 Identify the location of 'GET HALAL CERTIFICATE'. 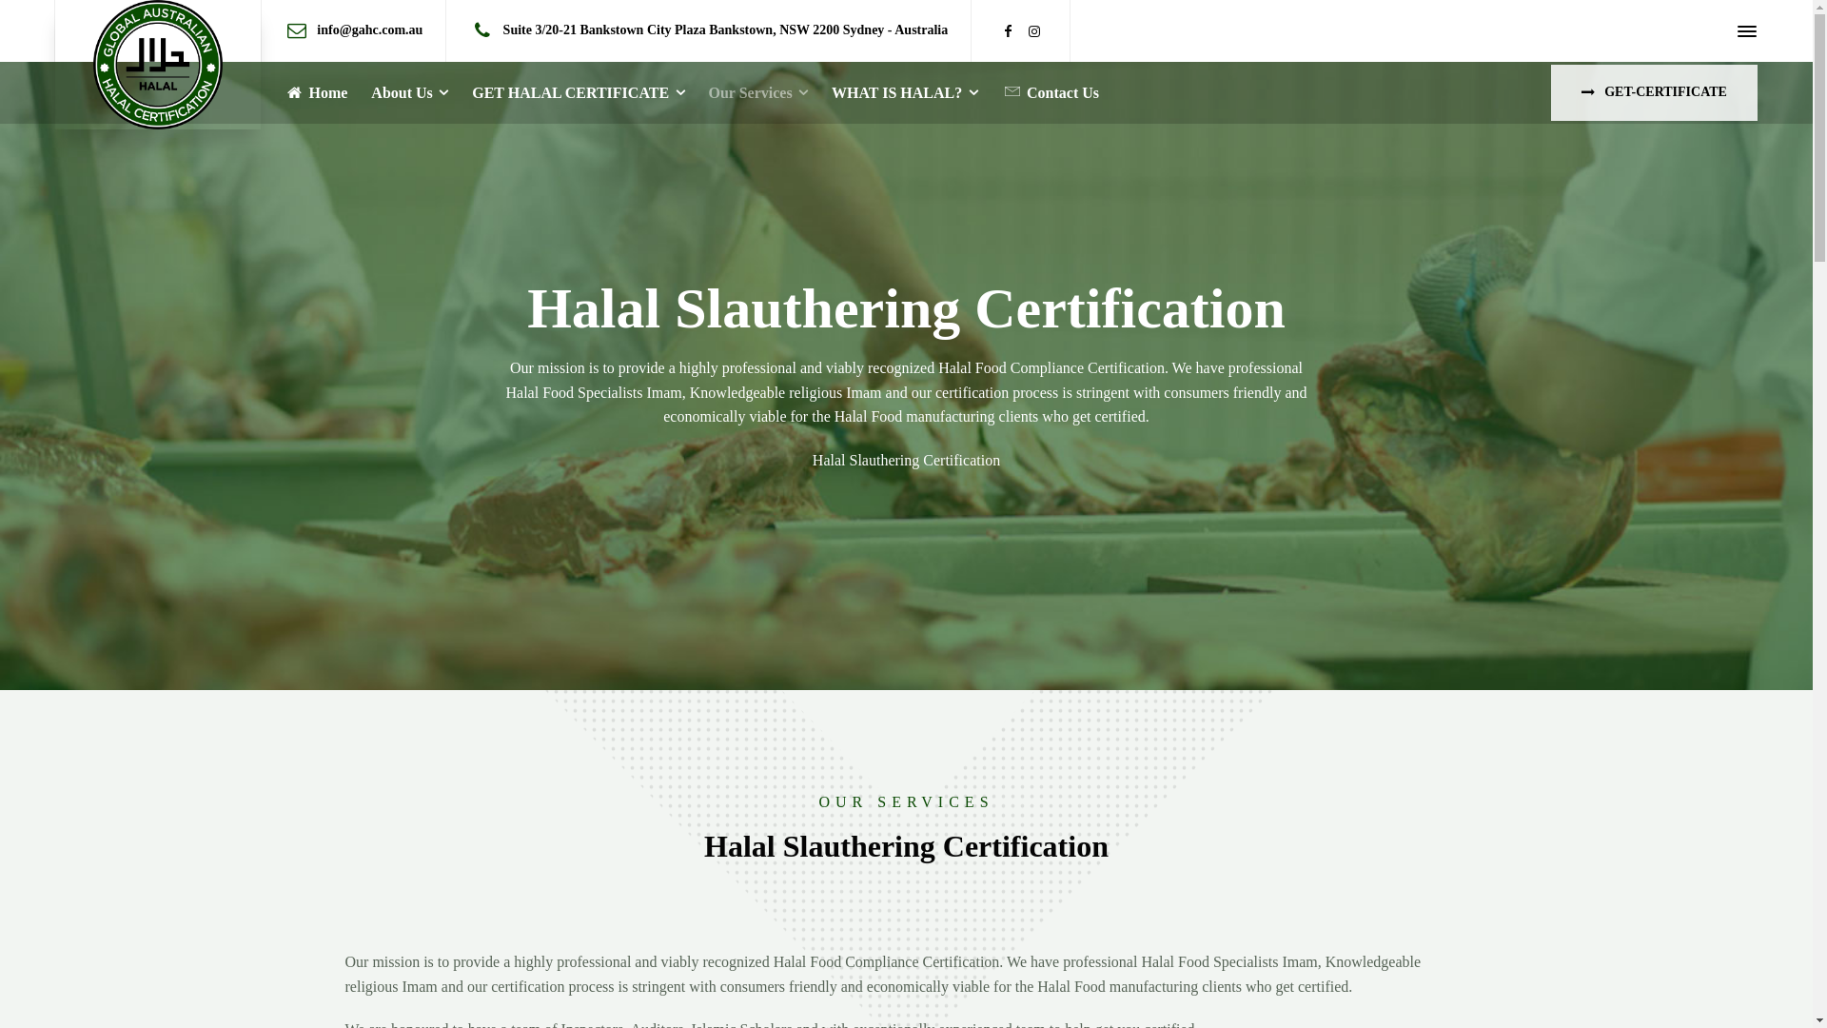
(461, 92).